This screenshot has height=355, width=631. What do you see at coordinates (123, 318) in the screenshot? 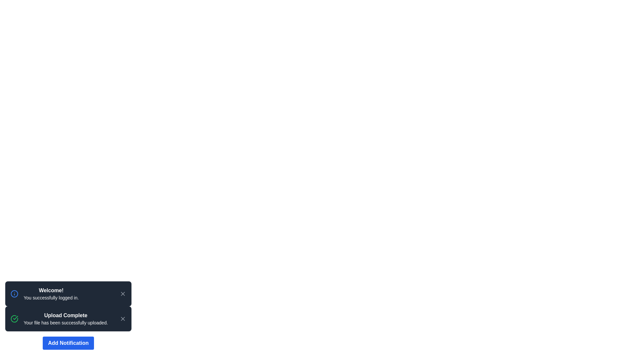
I see `the circular 'Close' button with an 'X' icon` at bounding box center [123, 318].